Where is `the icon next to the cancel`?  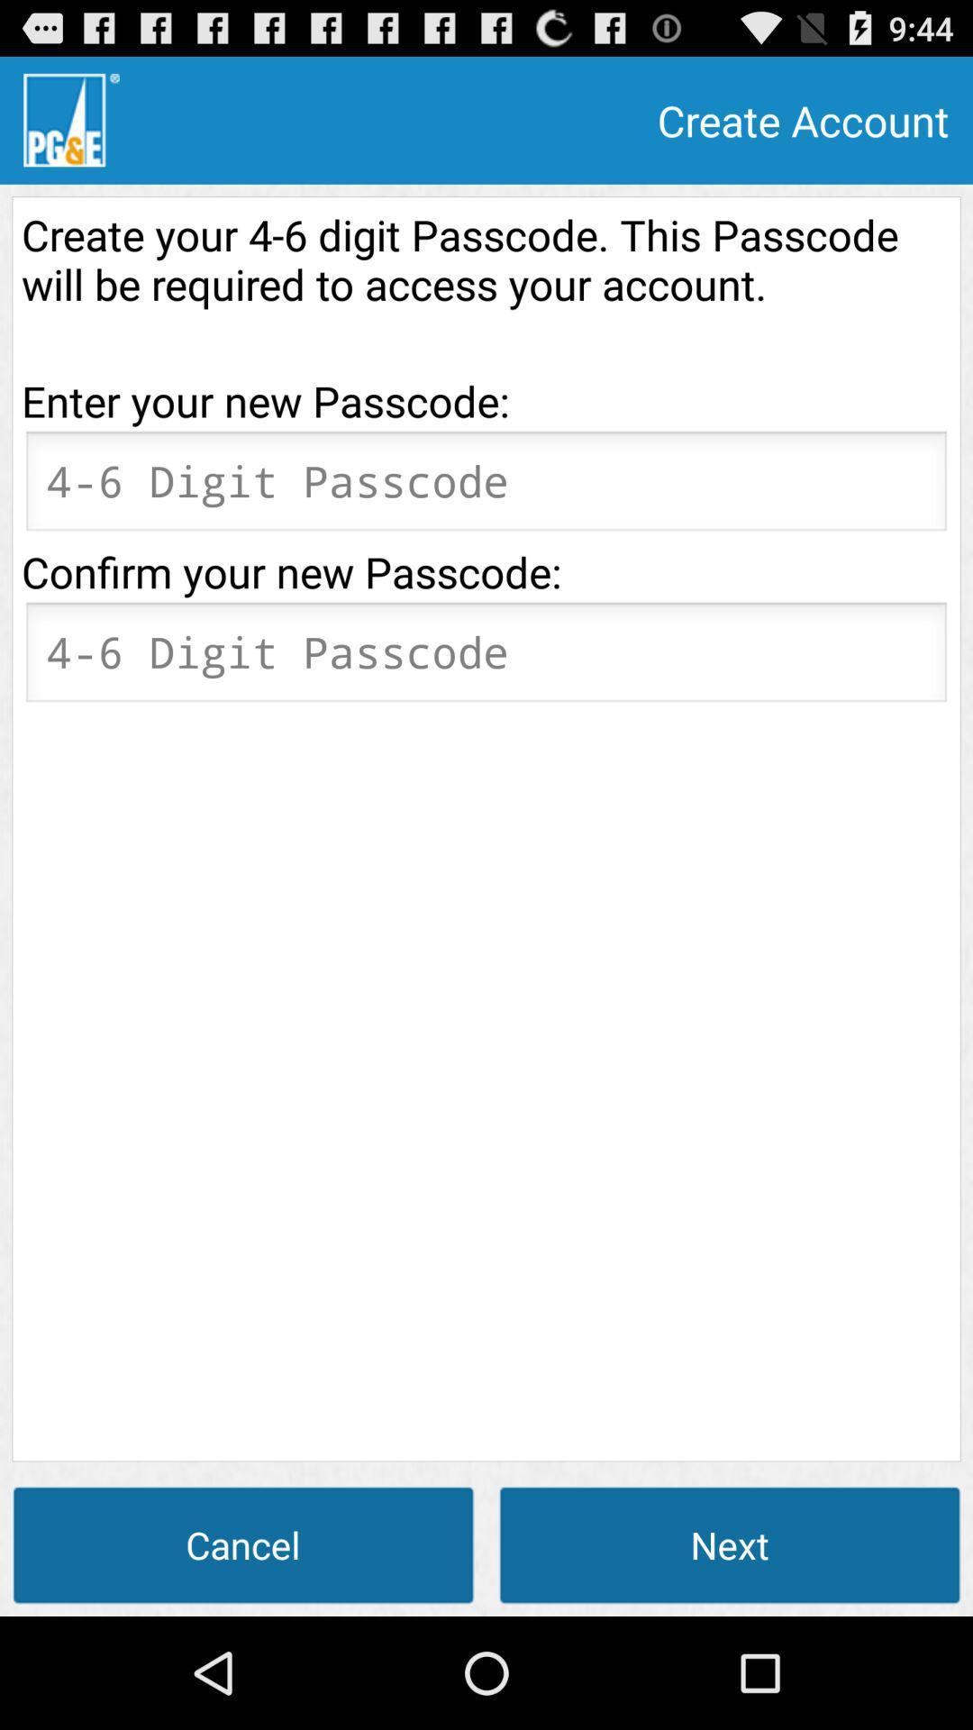 the icon next to the cancel is located at coordinates (730, 1543).